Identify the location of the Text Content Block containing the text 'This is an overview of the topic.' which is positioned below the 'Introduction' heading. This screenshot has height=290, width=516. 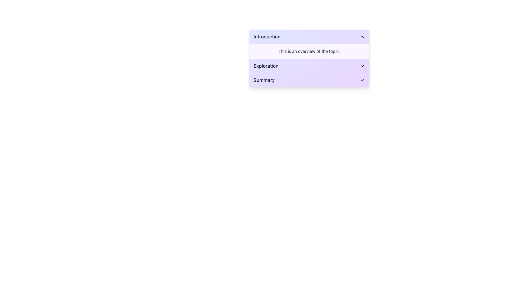
(309, 51).